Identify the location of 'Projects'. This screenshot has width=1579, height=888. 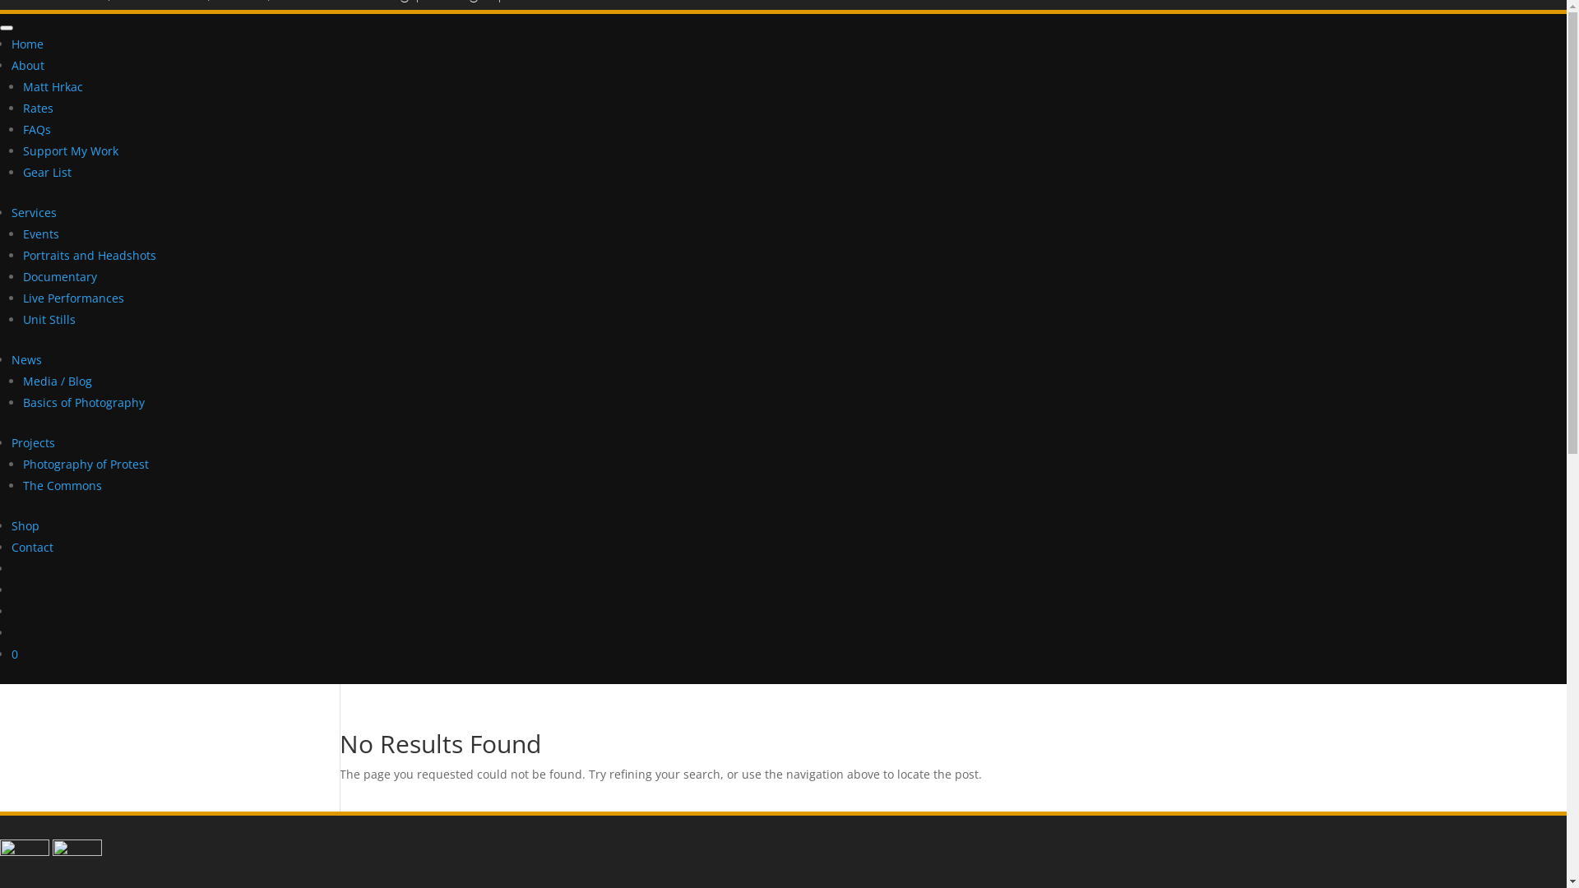
(33, 442).